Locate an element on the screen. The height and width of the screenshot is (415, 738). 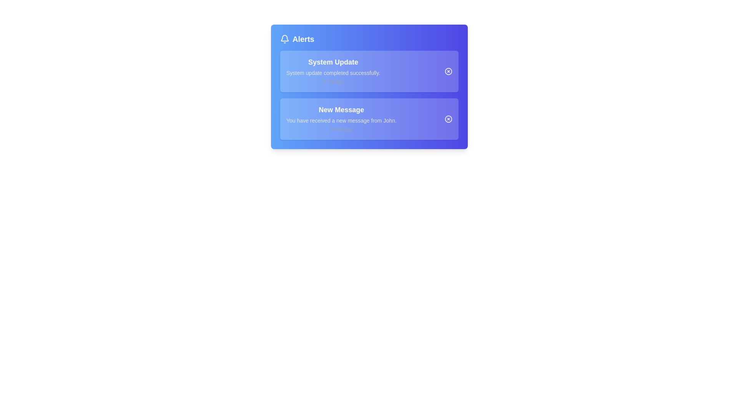
'Alerts' label, which is a bold white text positioned near the top-left corner of the notification panel, serving as an indicator for notifications is located at coordinates (303, 39).